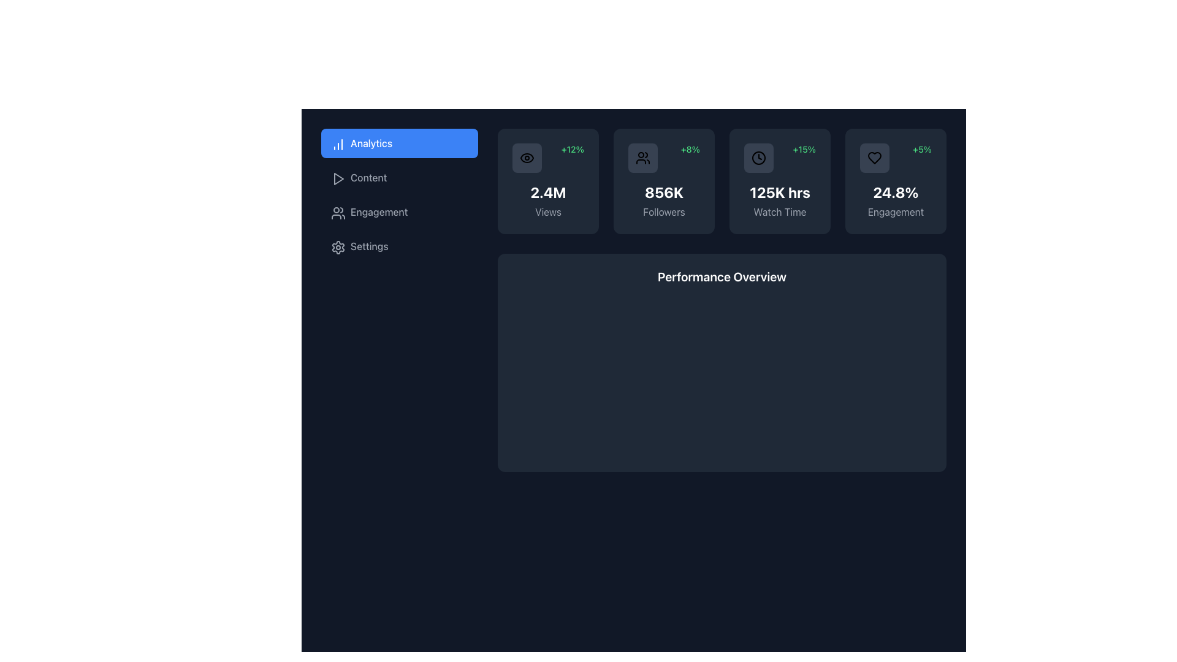  I want to click on the eye icon with a dark gray background located at the top-right of the interface within the first card displaying views data, so click(527, 158).